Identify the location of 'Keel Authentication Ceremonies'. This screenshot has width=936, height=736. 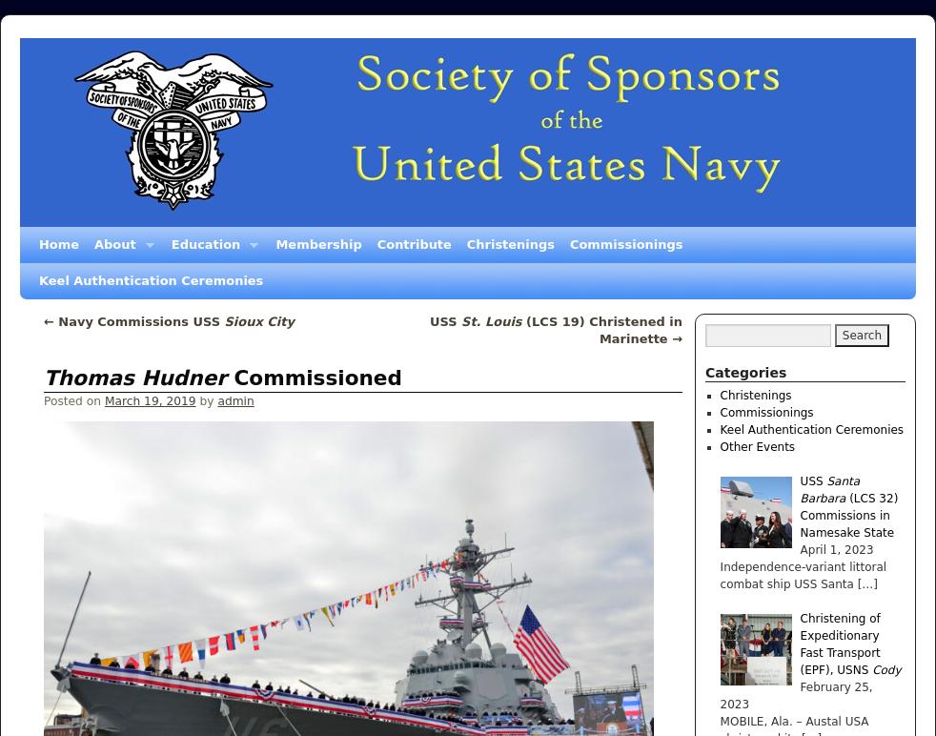
(811, 430).